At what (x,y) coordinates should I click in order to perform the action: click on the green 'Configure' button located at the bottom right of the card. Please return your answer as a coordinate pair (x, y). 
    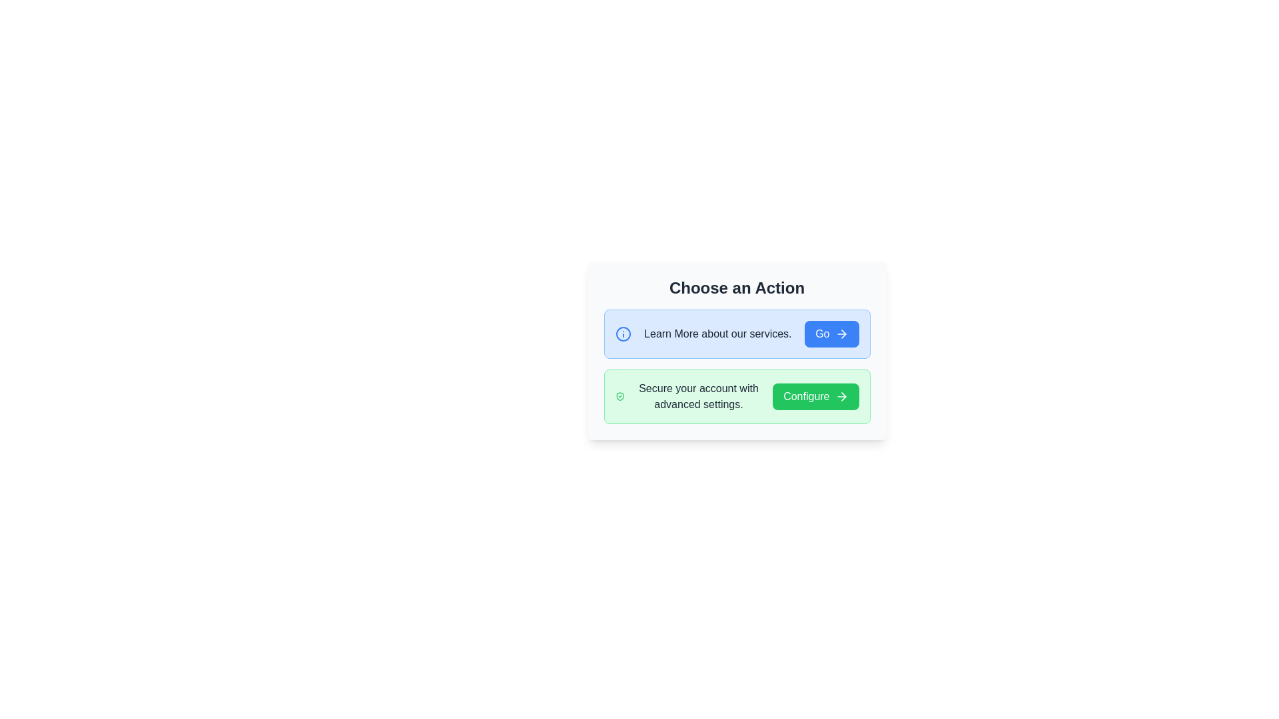
    Looking at the image, I should click on (815, 396).